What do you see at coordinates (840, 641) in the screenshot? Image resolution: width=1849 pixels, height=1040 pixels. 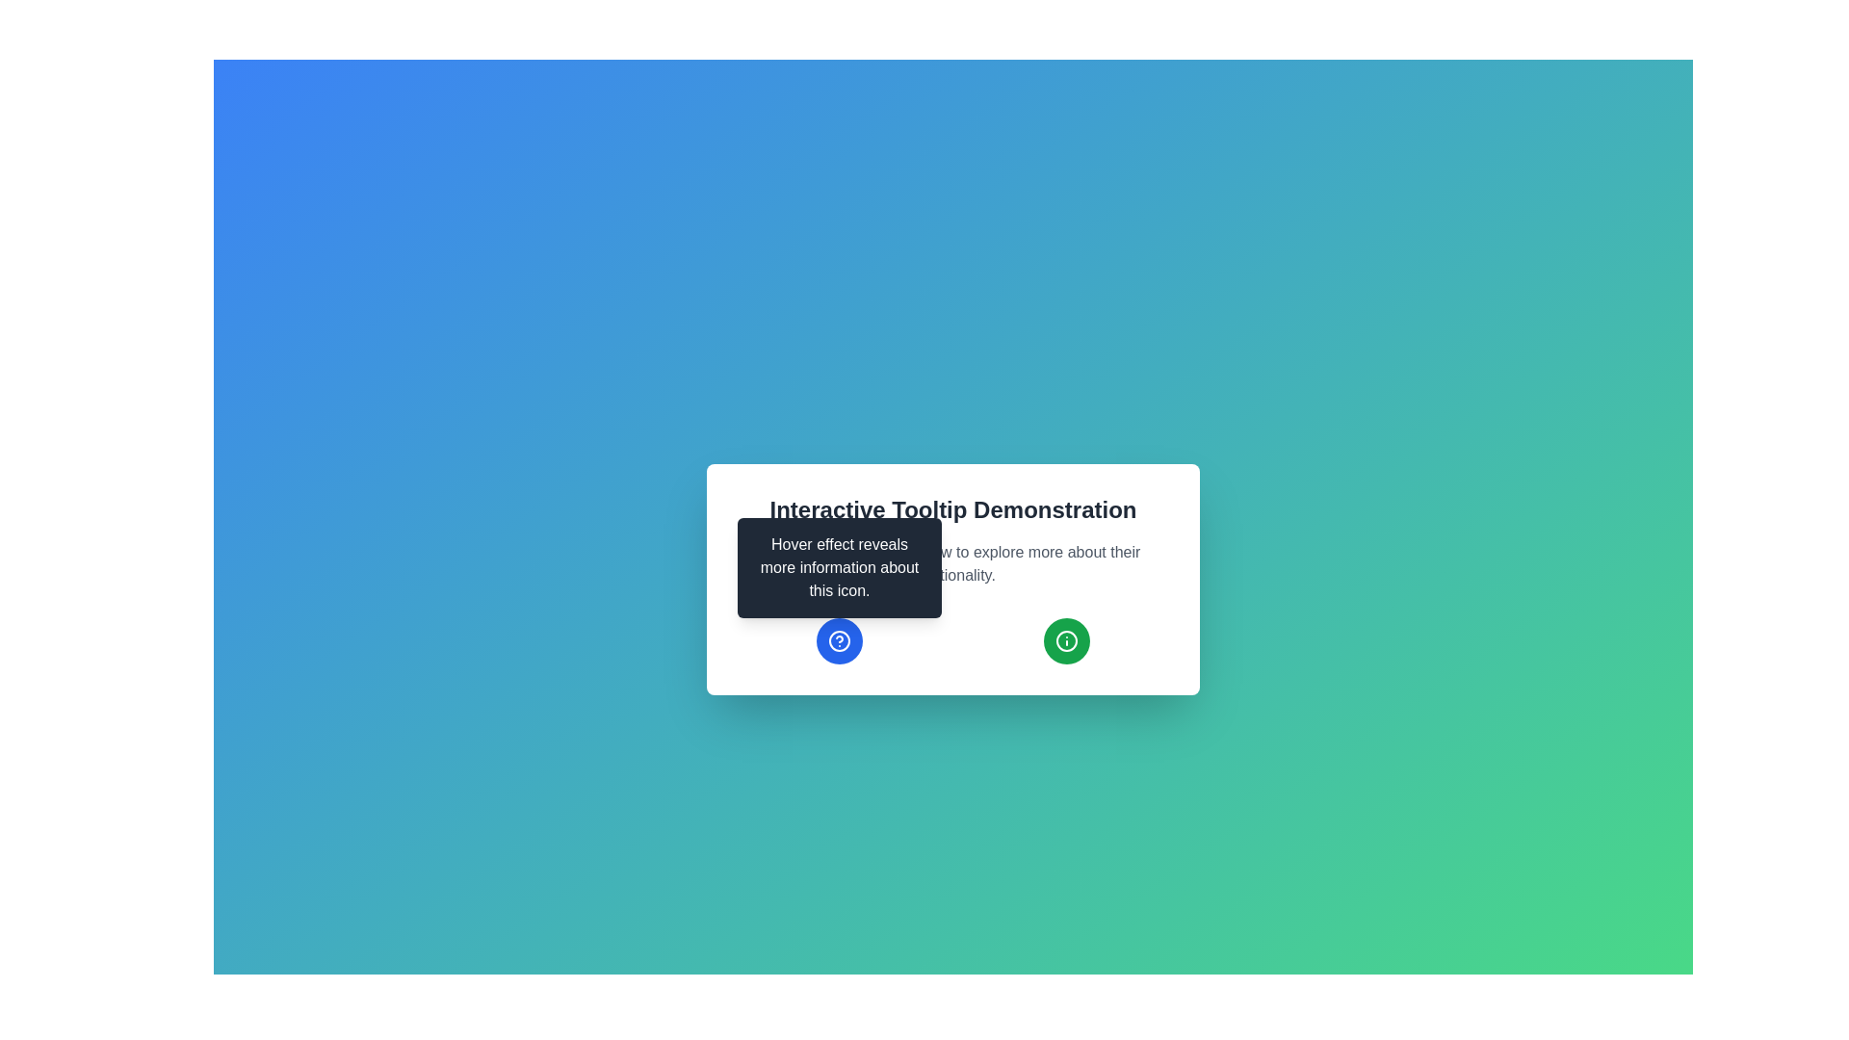 I see `the SVG graphic icon inside the blue circular button located at the bottom-left side of the 'Interactive Tooltip Demonstration' card` at bounding box center [840, 641].